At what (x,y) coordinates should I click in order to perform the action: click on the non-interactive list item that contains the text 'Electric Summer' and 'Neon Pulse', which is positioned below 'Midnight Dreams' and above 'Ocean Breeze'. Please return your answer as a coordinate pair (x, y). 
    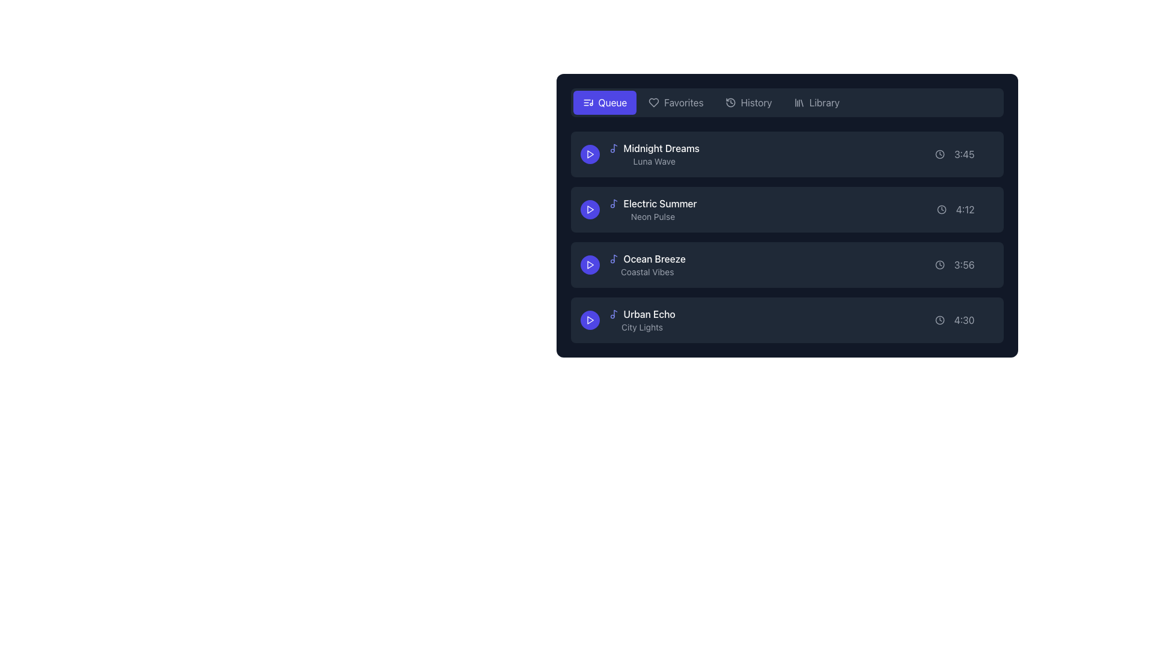
    Looking at the image, I should click on (652, 209).